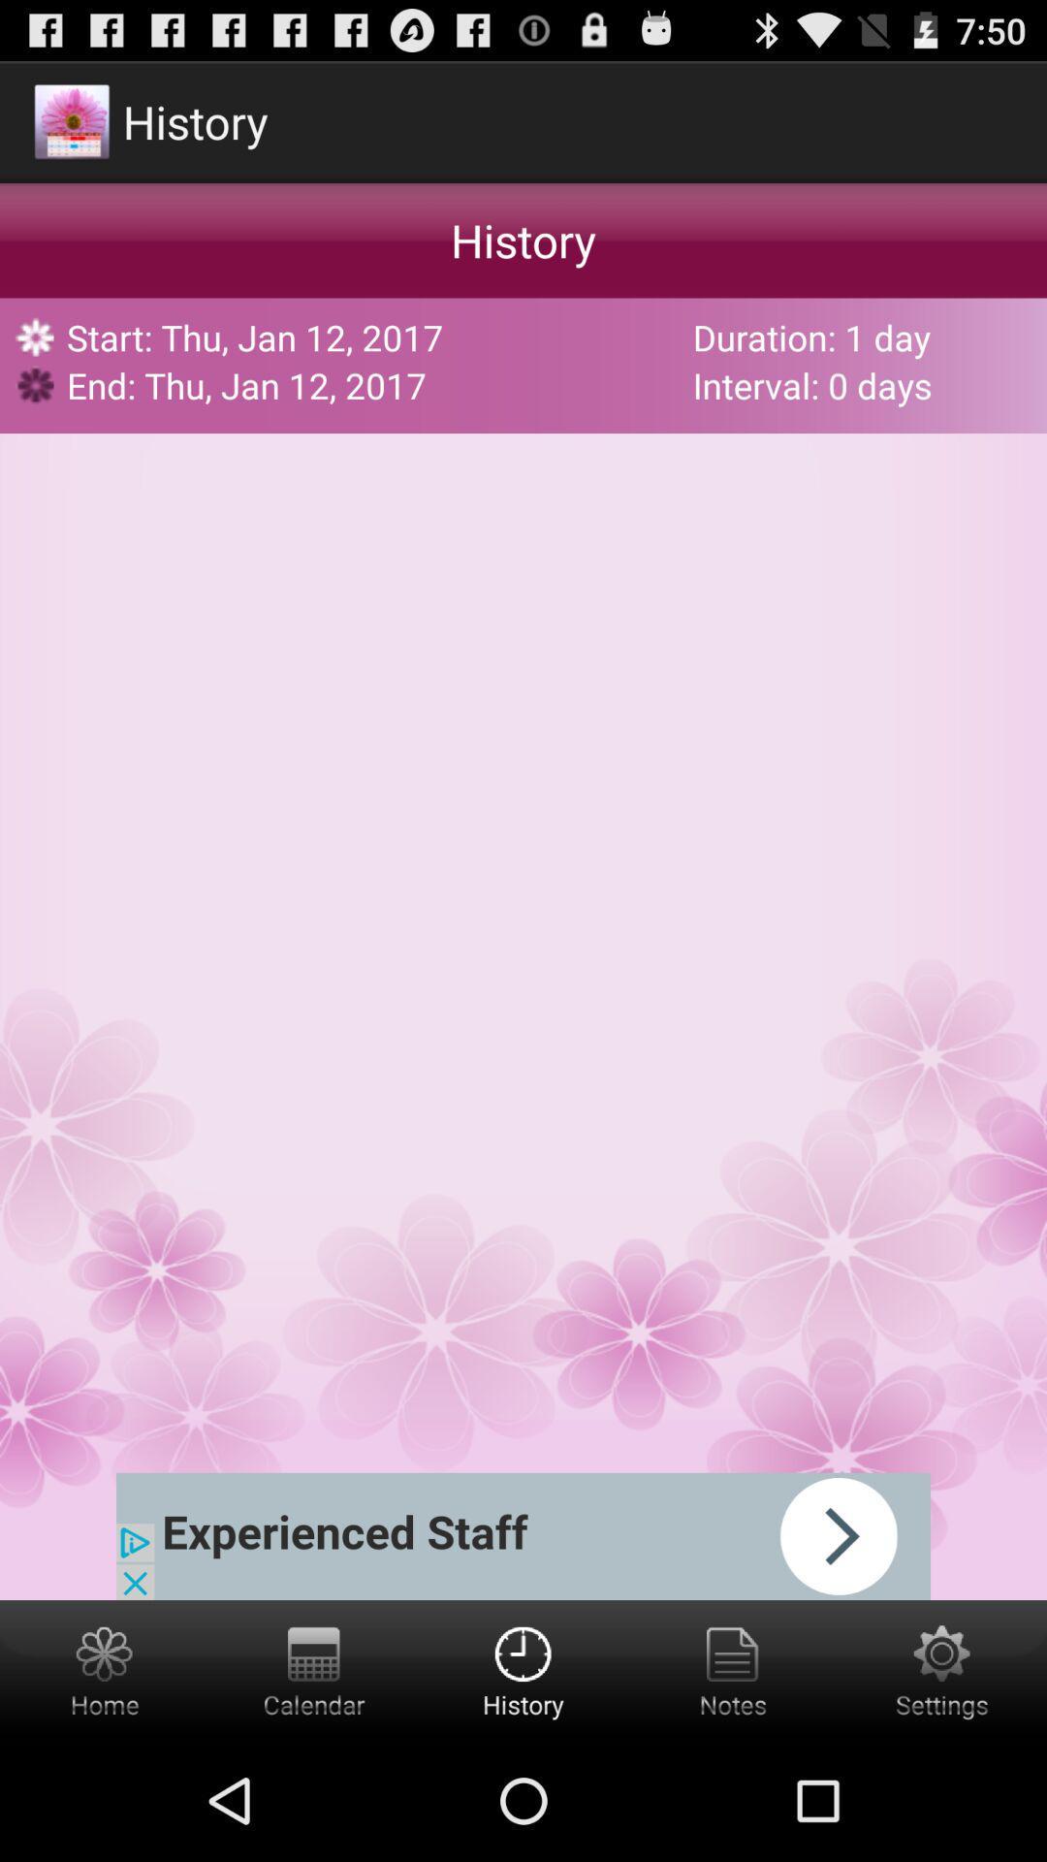  What do you see at coordinates (733, 1669) in the screenshot?
I see `notes button` at bounding box center [733, 1669].